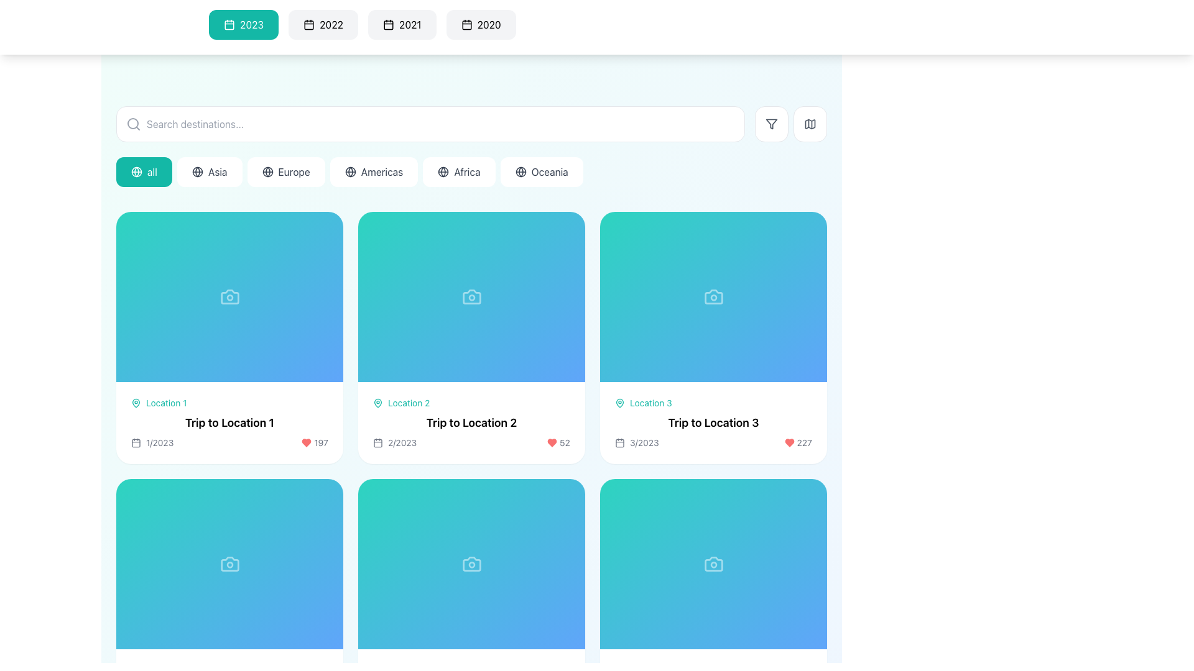 The height and width of the screenshot is (671, 1194). I want to click on a button in the horizontal navigation bar to filter trips by region, located below the search bar and above the grid of trip cards, so click(471, 175).